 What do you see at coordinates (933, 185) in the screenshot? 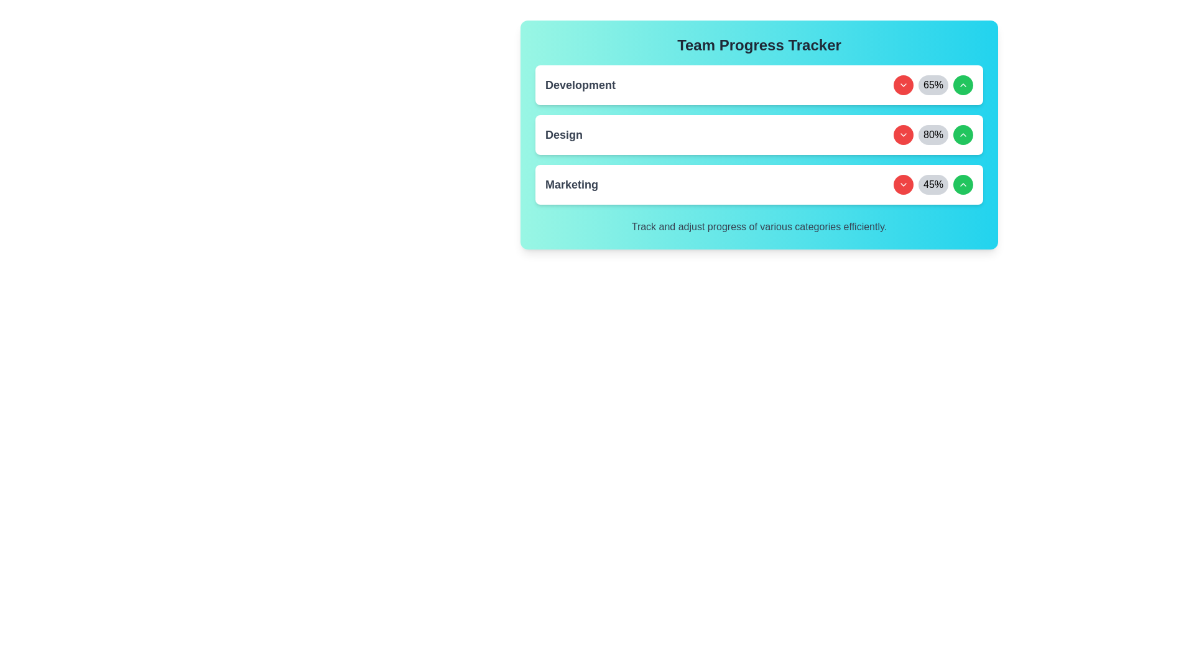
I see `the rounded rectangular static text display showing '45%' in bold black font, located in the third row of the 'Marketing' section, between a red circular button and a green circular button` at bounding box center [933, 185].